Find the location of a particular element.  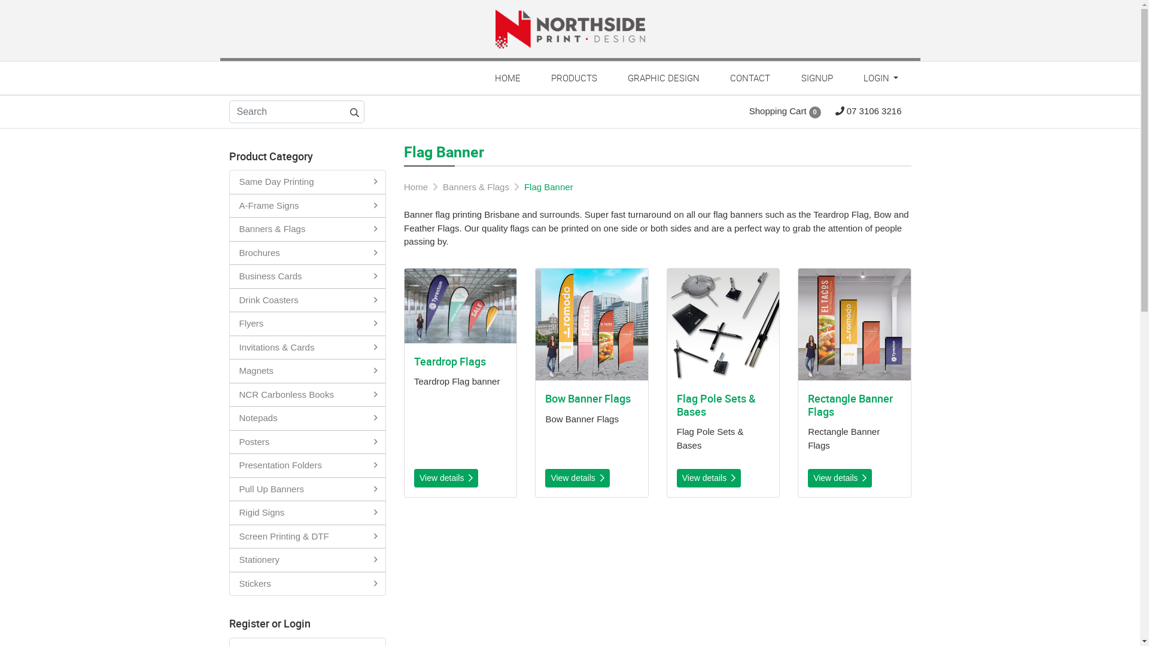

'Rigid Signs' is located at coordinates (308, 512).